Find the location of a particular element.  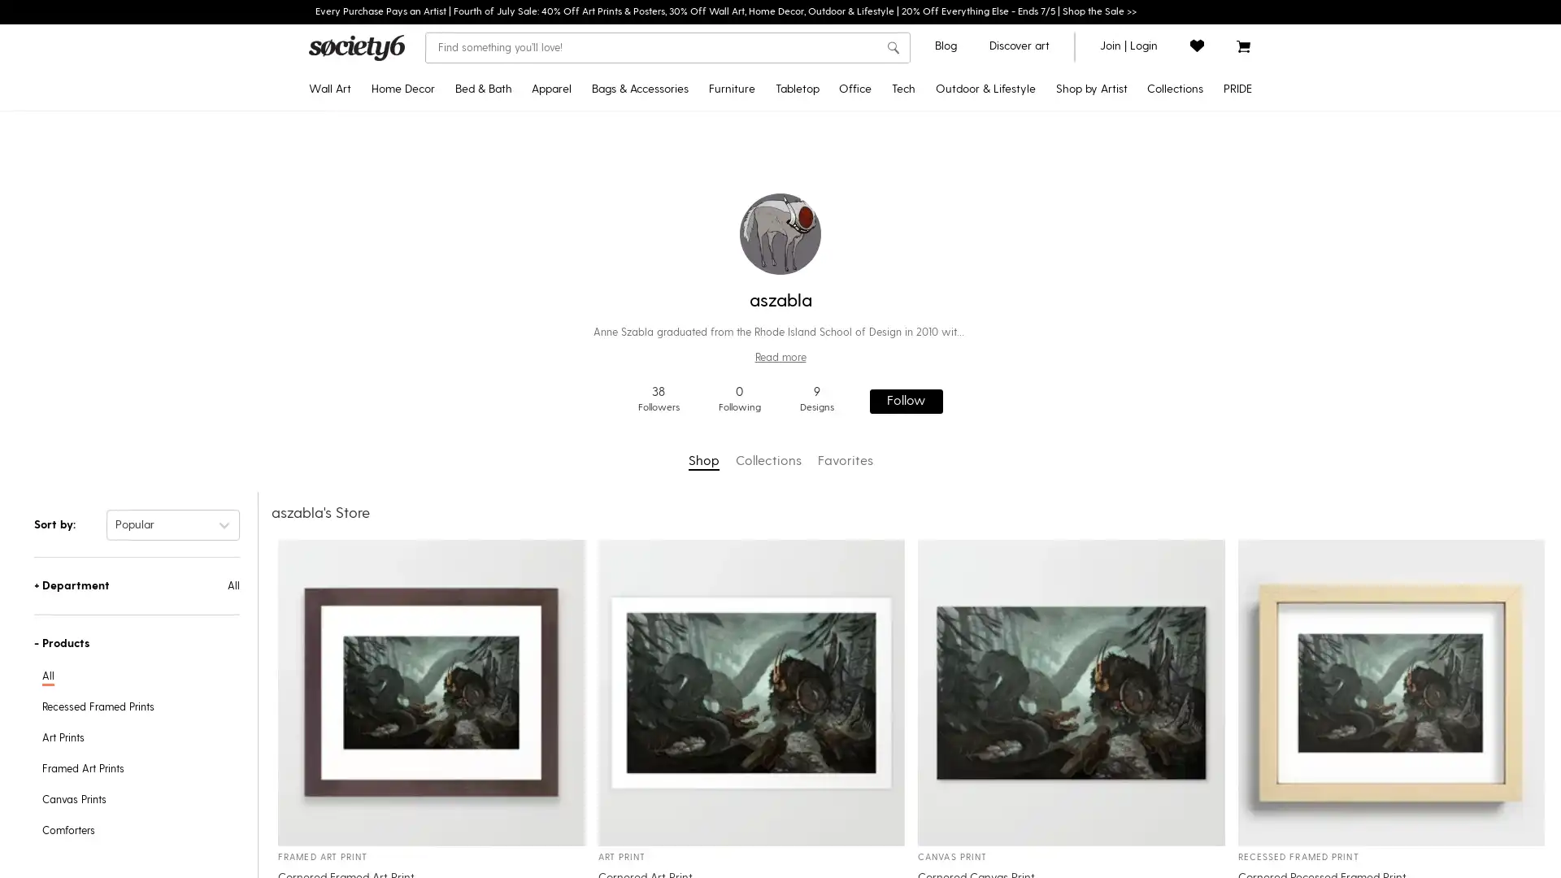

Throw Blankets is located at coordinates (433, 235).